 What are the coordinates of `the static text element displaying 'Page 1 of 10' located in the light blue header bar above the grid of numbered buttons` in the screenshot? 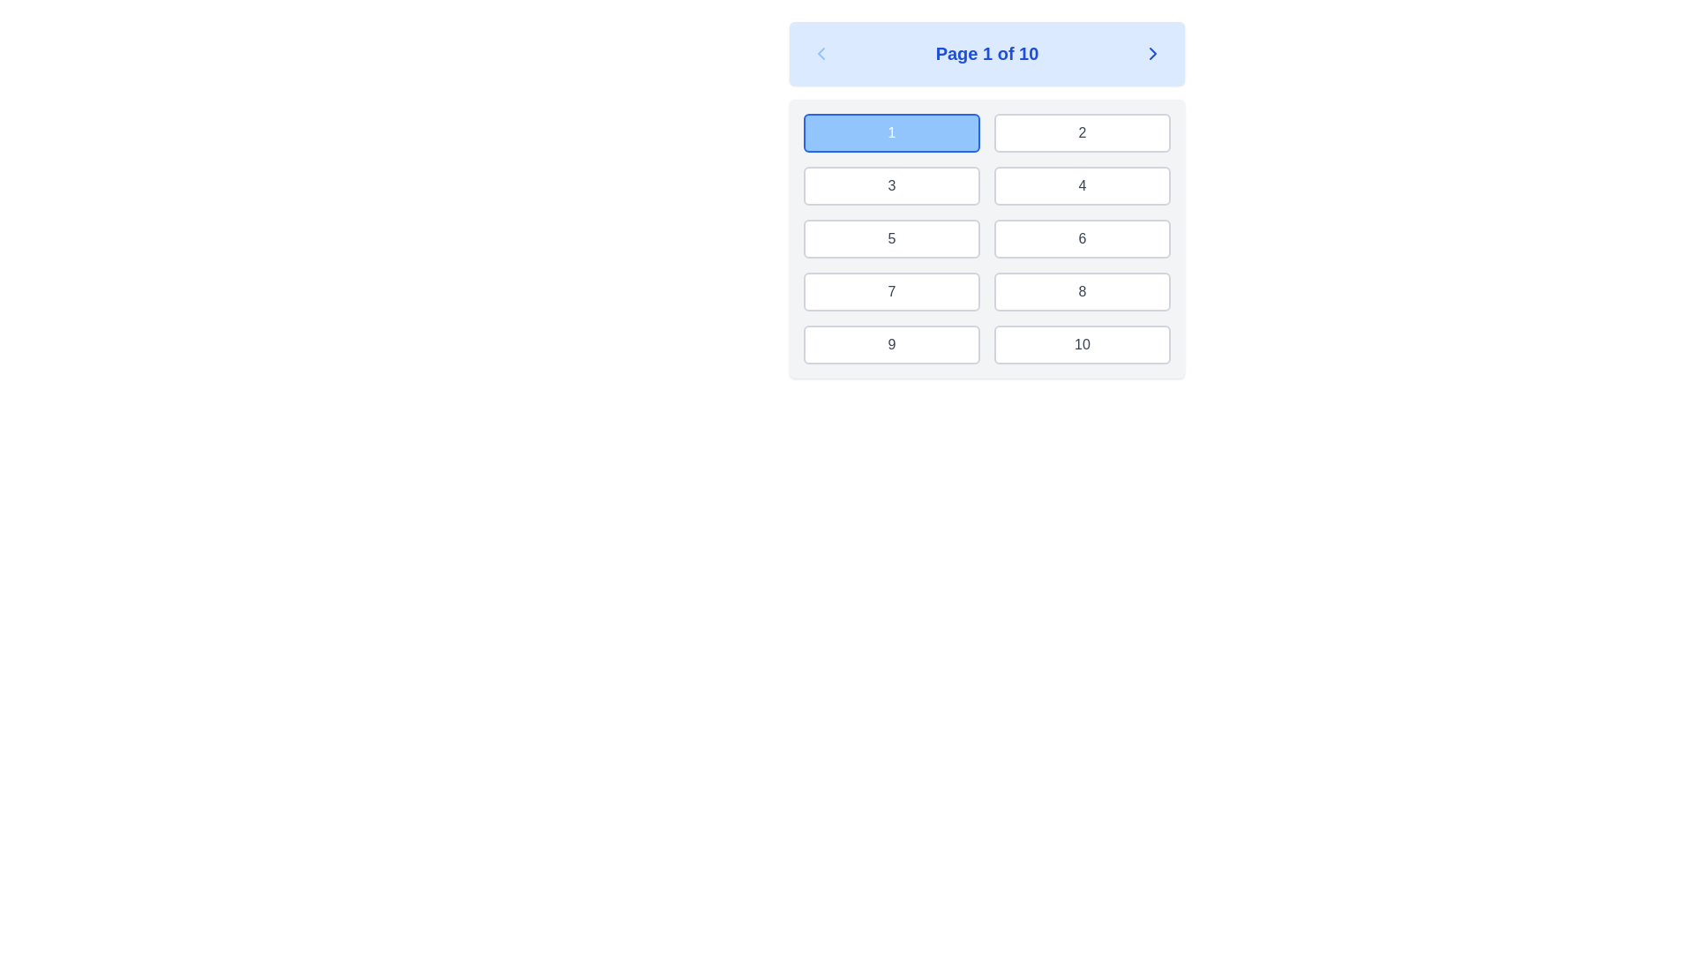 It's located at (986, 53).